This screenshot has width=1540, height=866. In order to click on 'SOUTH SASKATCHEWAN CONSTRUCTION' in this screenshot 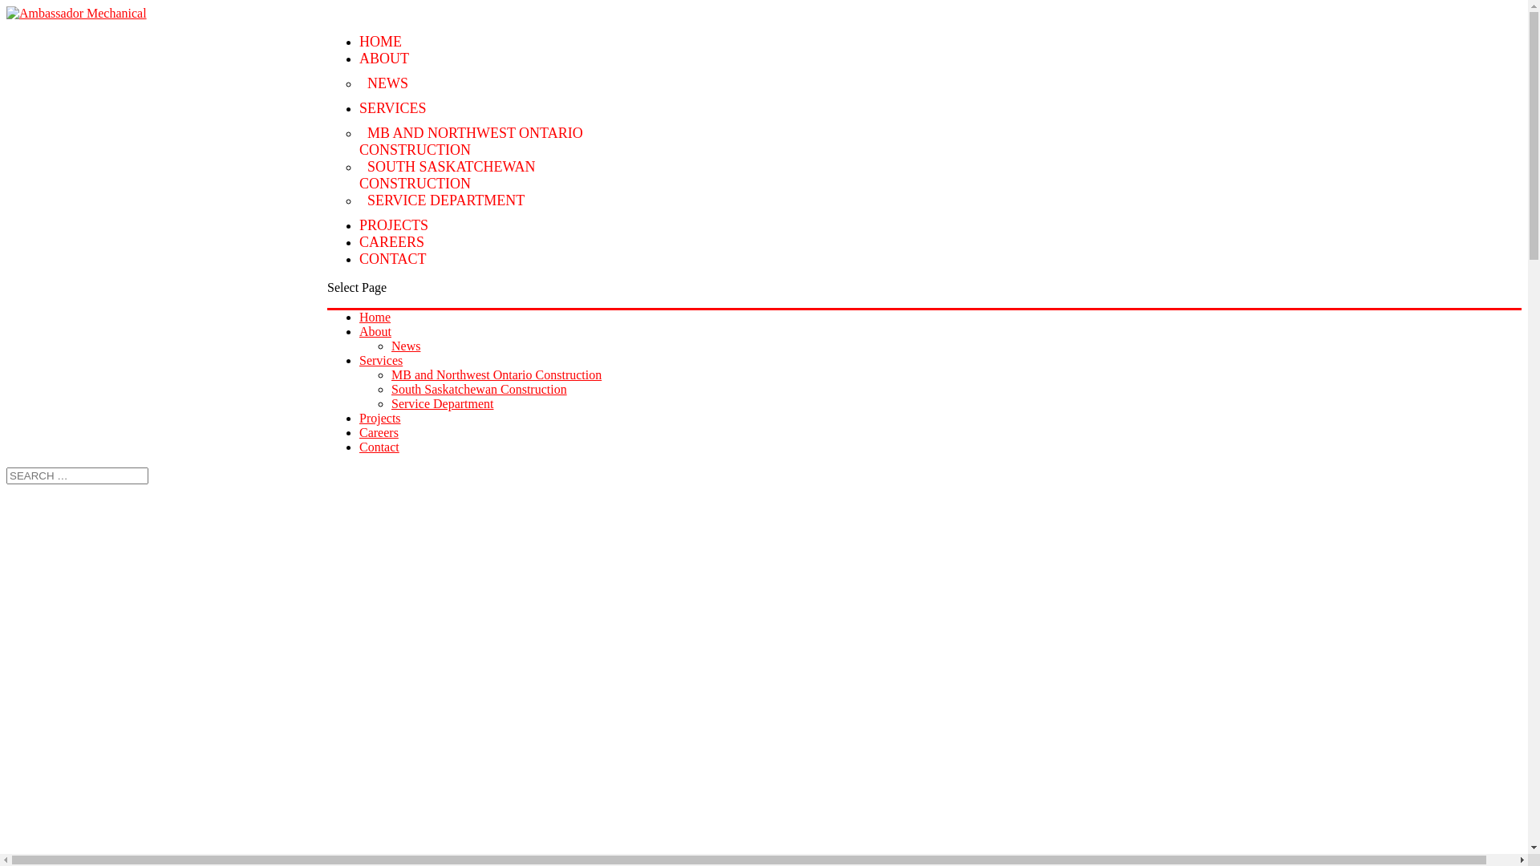, I will do `click(447, 175)`.